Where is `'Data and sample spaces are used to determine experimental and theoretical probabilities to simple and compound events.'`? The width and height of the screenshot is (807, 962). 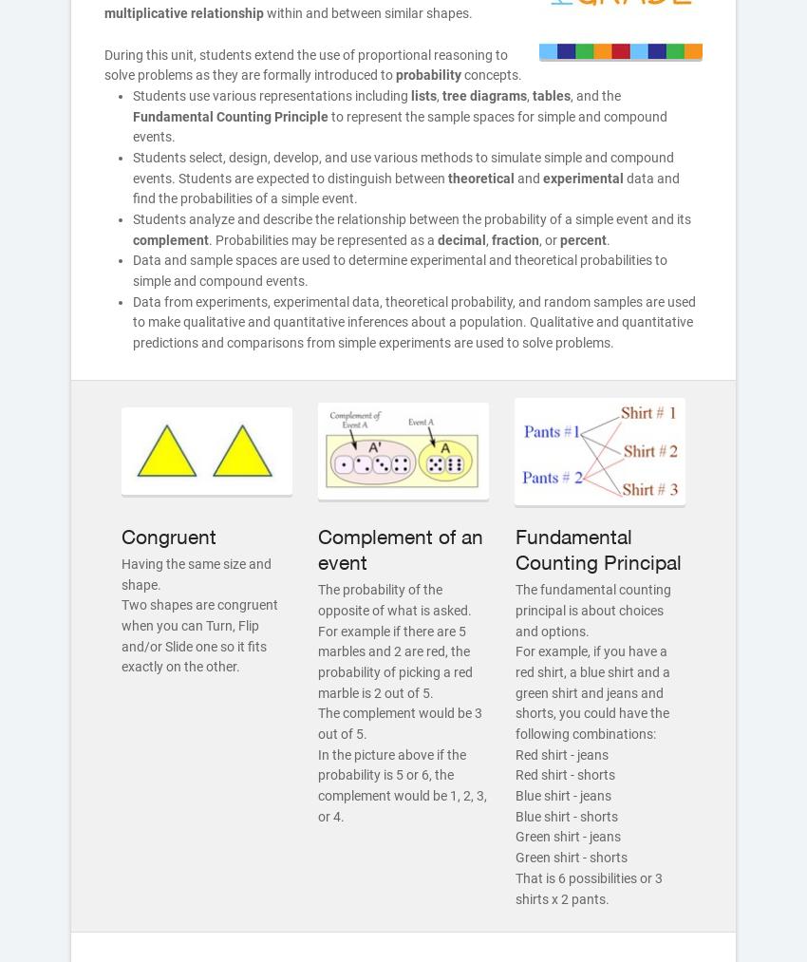 'Data and sample spaces are used to determine experimental and theoretical probabilities to simple and compound events.' is located at coordinates (400, 269).